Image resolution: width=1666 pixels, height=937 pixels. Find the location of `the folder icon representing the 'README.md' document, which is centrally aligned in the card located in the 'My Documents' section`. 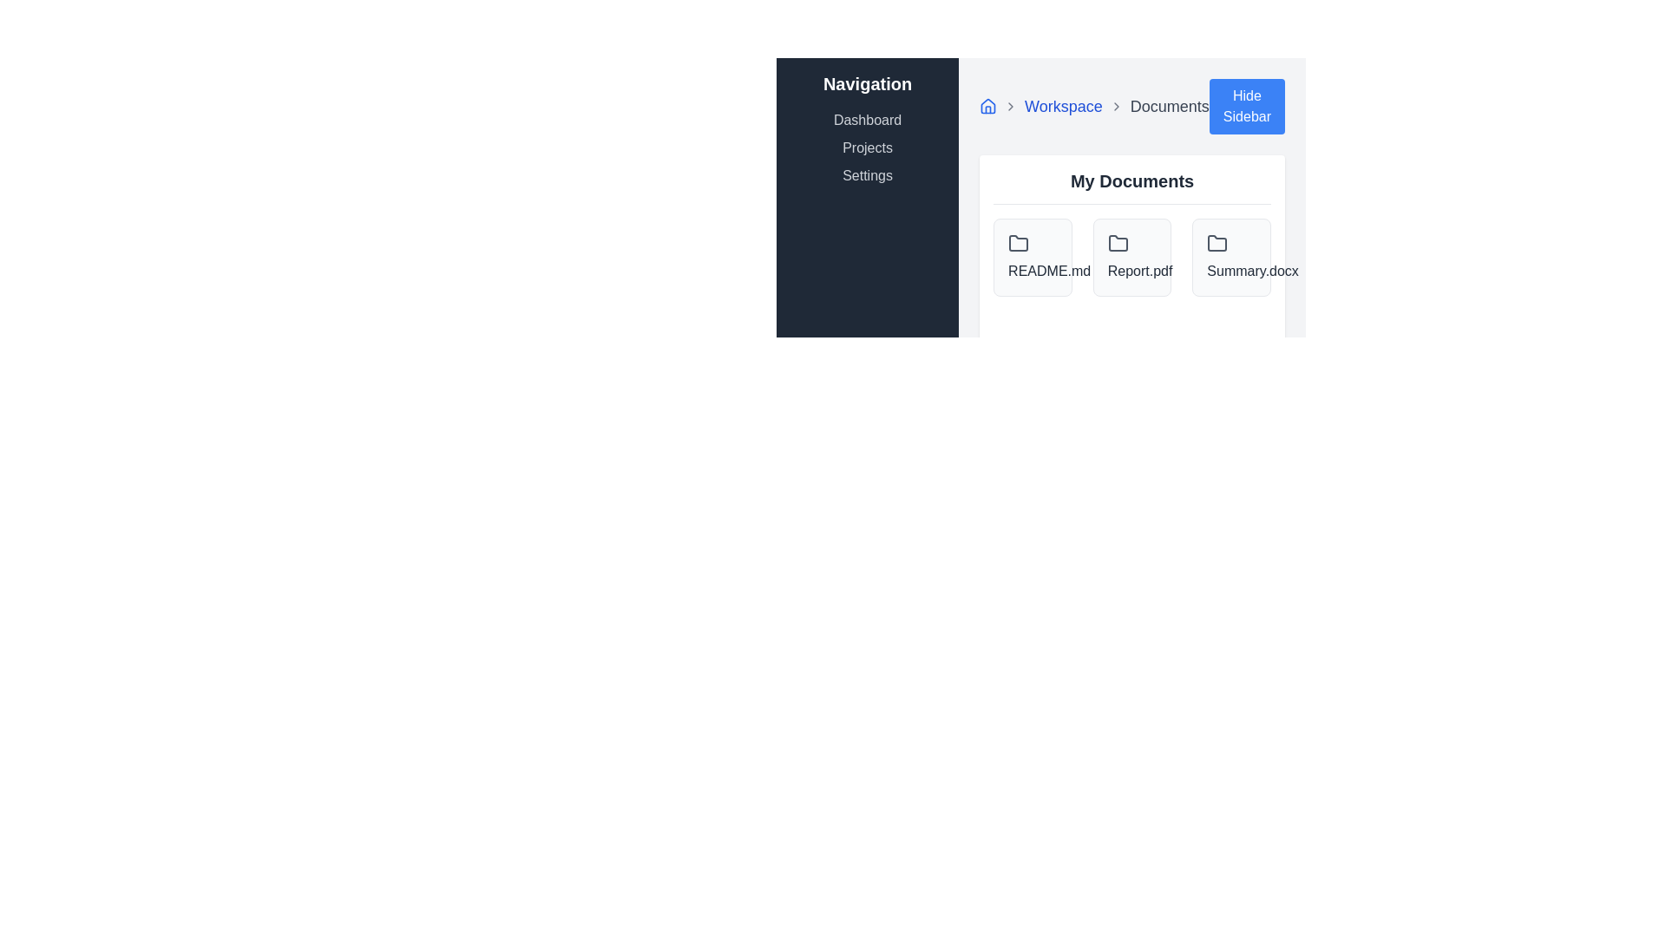

the folder icon representing the 'README.md' document, which is centrally aligned in the card located in the 'My Documents' section is located at coordinates (1019, 244).